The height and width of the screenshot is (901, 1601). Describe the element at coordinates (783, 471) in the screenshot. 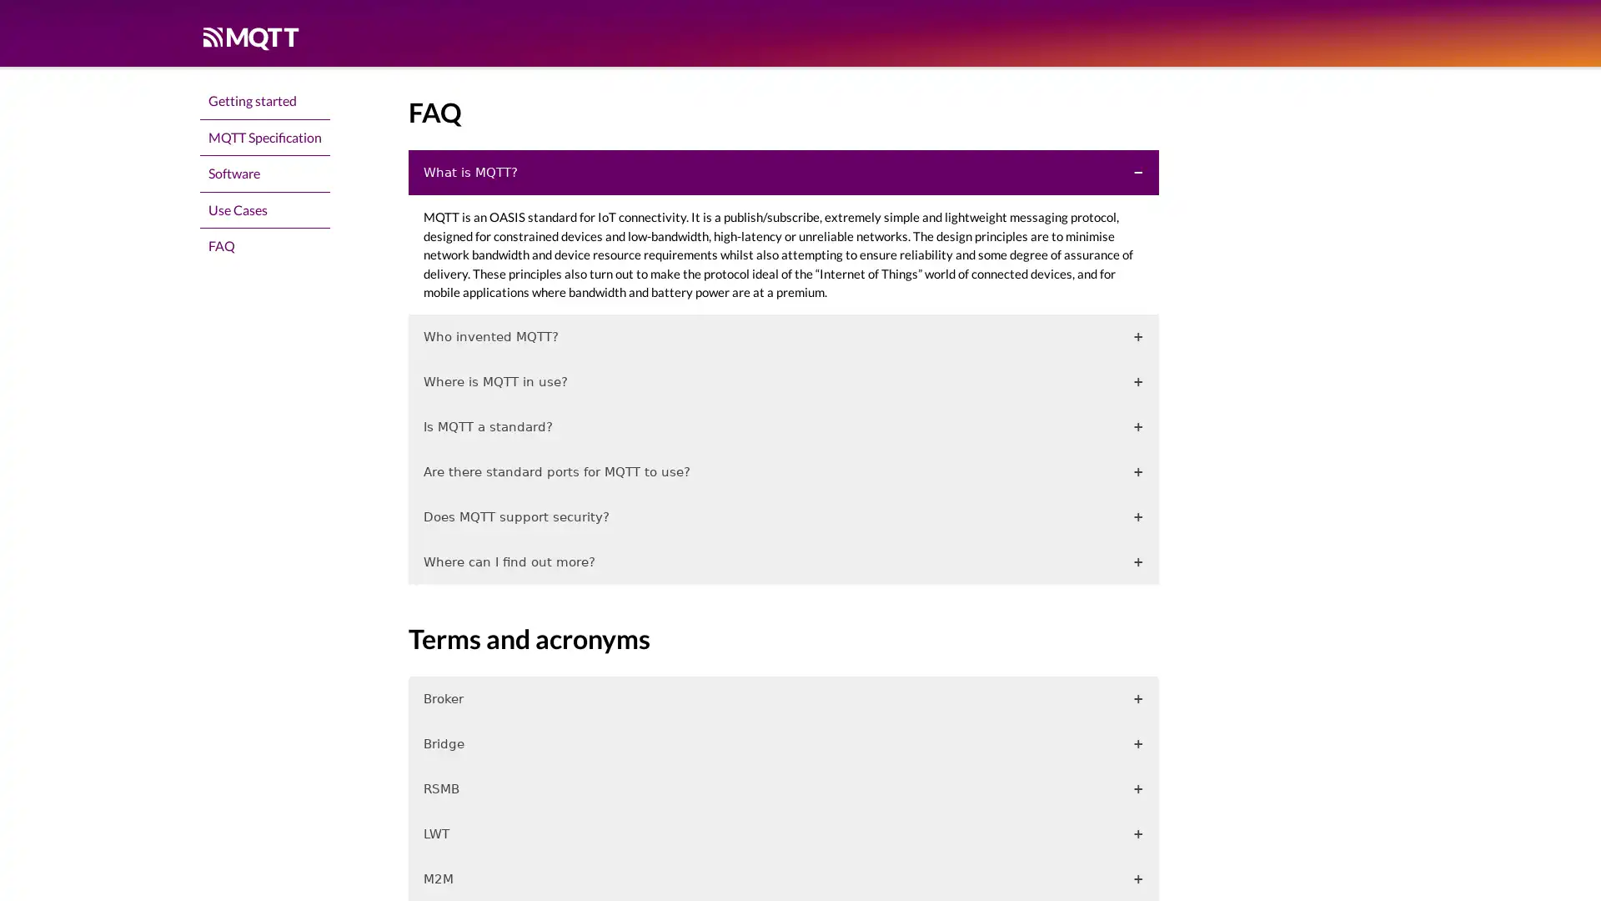

I see `Are there standard ports for MQTT to use? +` at that location.